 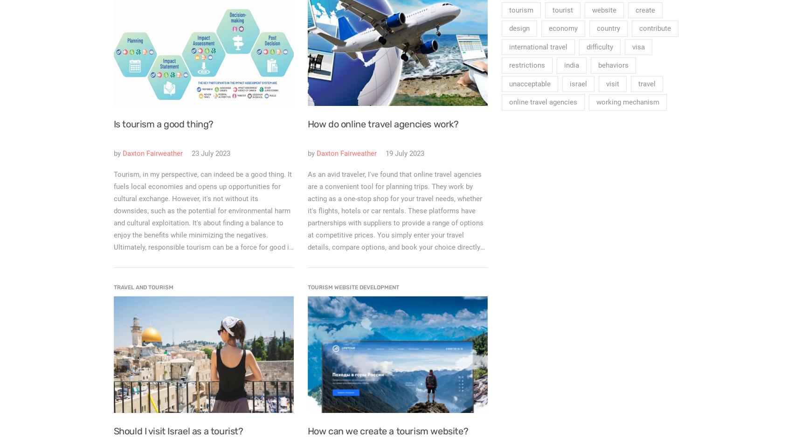 I want to click on 'tourism', so click(x=520, y=10).